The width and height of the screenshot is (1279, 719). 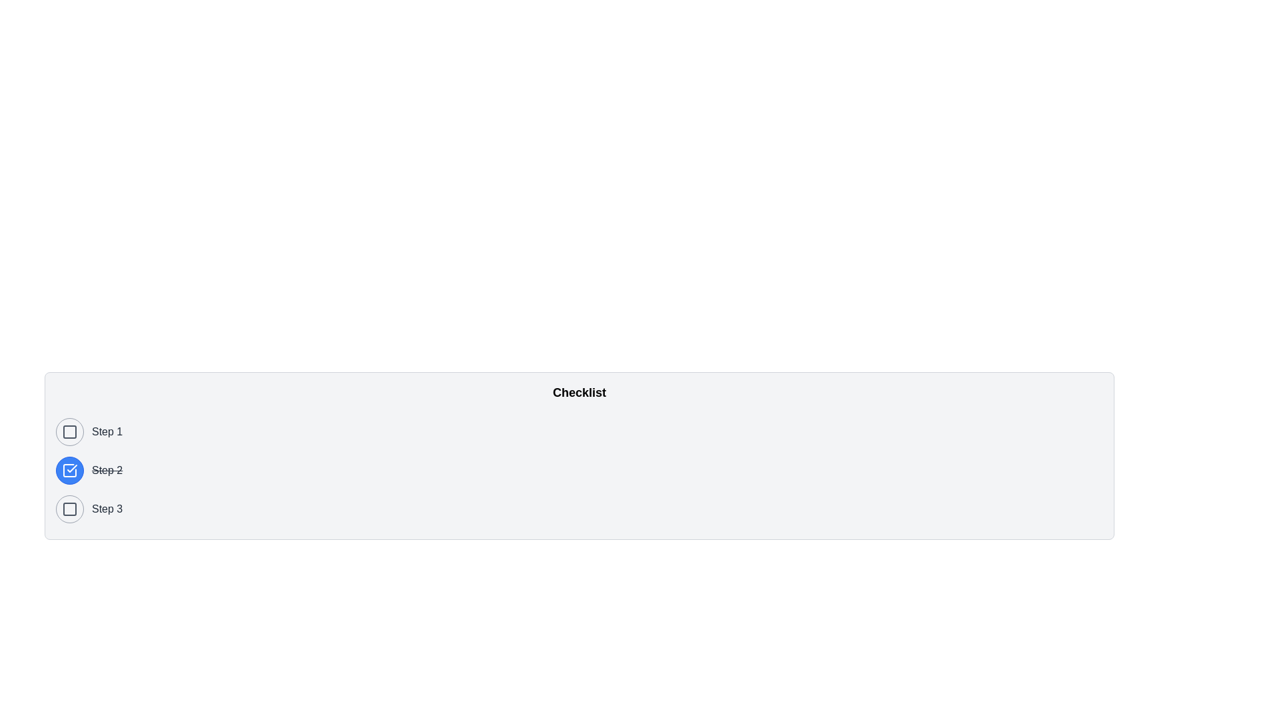 I want to click on the label displaying 'Step 2' with a strikethrough, which is part of a checklist interface, positioned between 'Step 1' and 'Step 3' and aligned with a blue circular icon containing a checkmark, so click(x=107, y=469).